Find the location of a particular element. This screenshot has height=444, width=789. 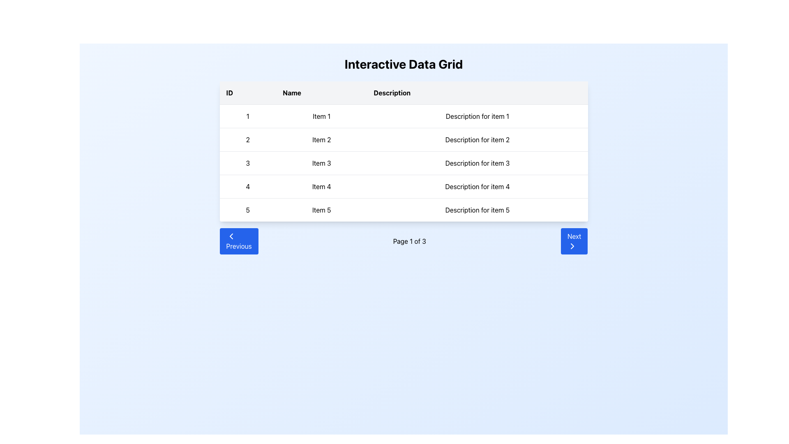

the fourth row of the grid that displays data for 'Item 4', which includes an identifier, a name, and a description is located at coordinates (404, 187).